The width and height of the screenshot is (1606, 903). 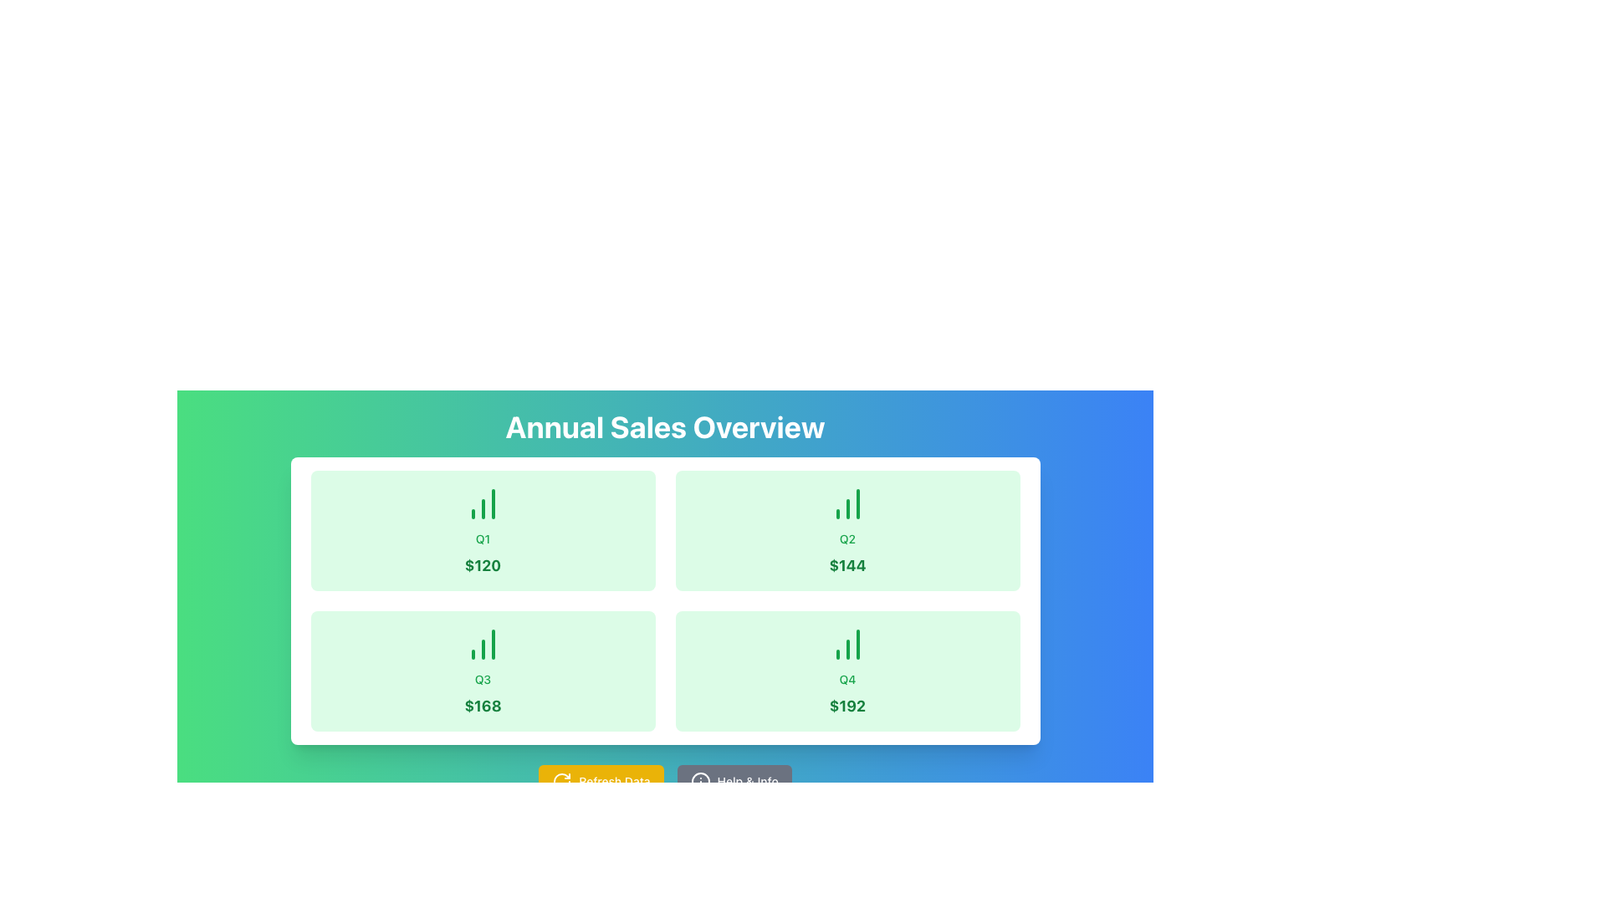 What do you see at coordinates (847, 565) in the screenshot?
I see `the Static Text Label displaying the value '$144' in bold green font, located at the bottom of the Q2 sales data card` at bounding box center [847, 565].